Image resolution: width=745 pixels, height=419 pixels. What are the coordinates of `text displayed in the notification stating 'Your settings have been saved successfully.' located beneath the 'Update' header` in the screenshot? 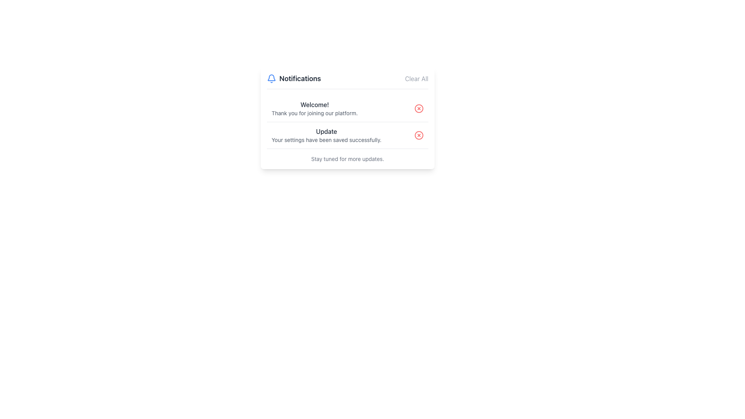 It's located at (326, 140).